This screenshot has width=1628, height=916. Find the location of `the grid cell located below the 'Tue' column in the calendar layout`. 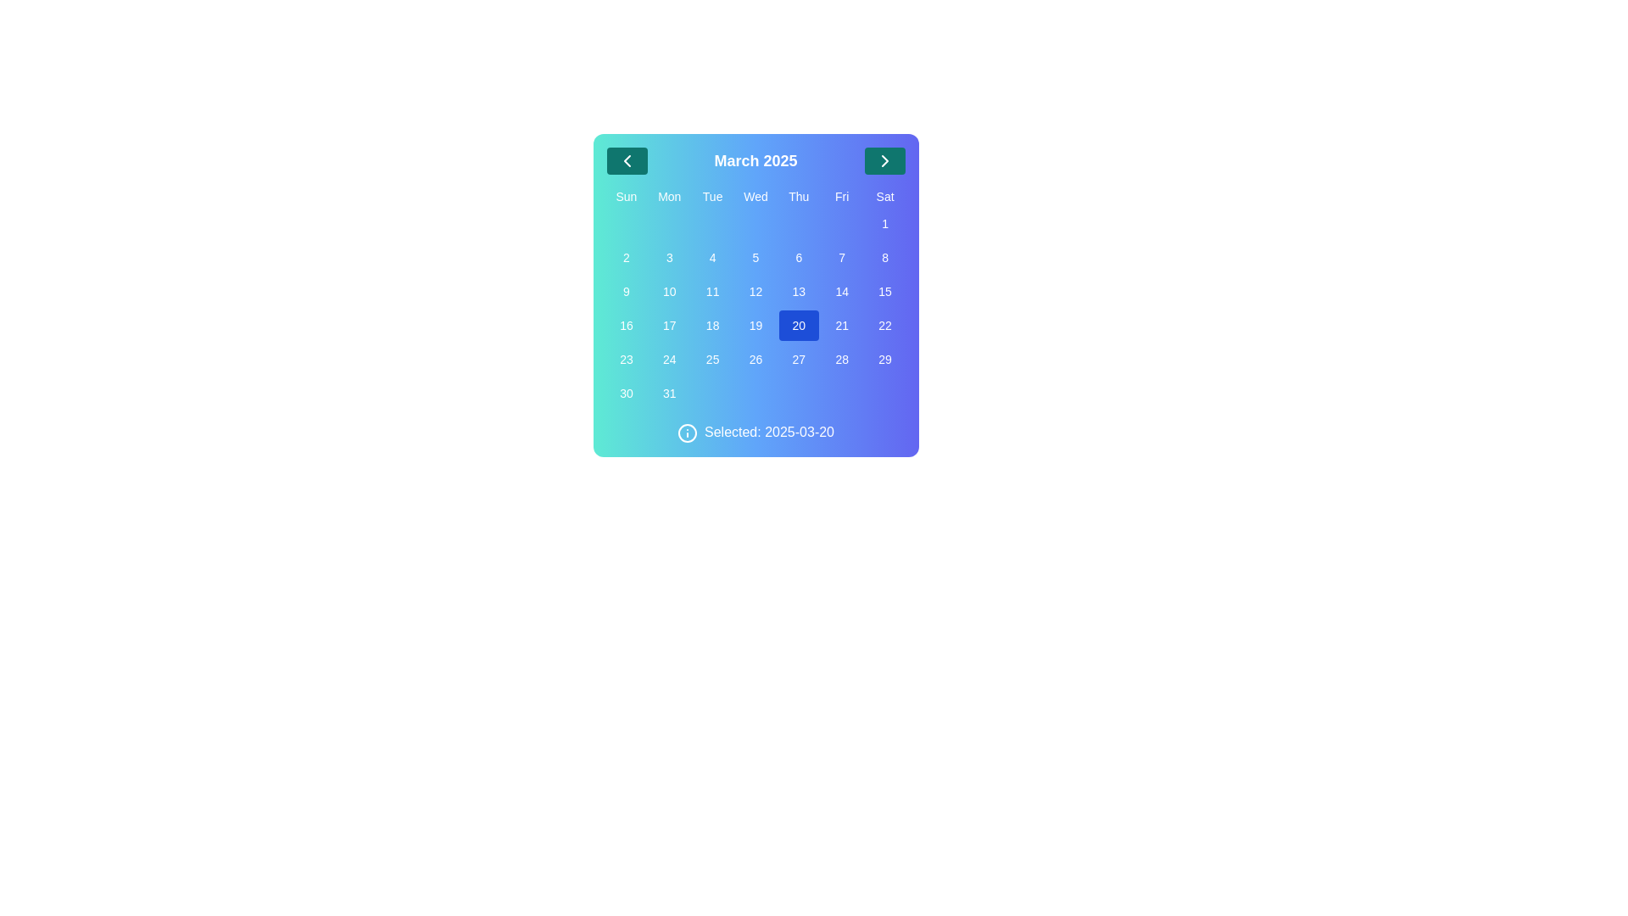

the grid cell located below the 'Tue' column in the calendar layout is located at coordinates (712, 222).